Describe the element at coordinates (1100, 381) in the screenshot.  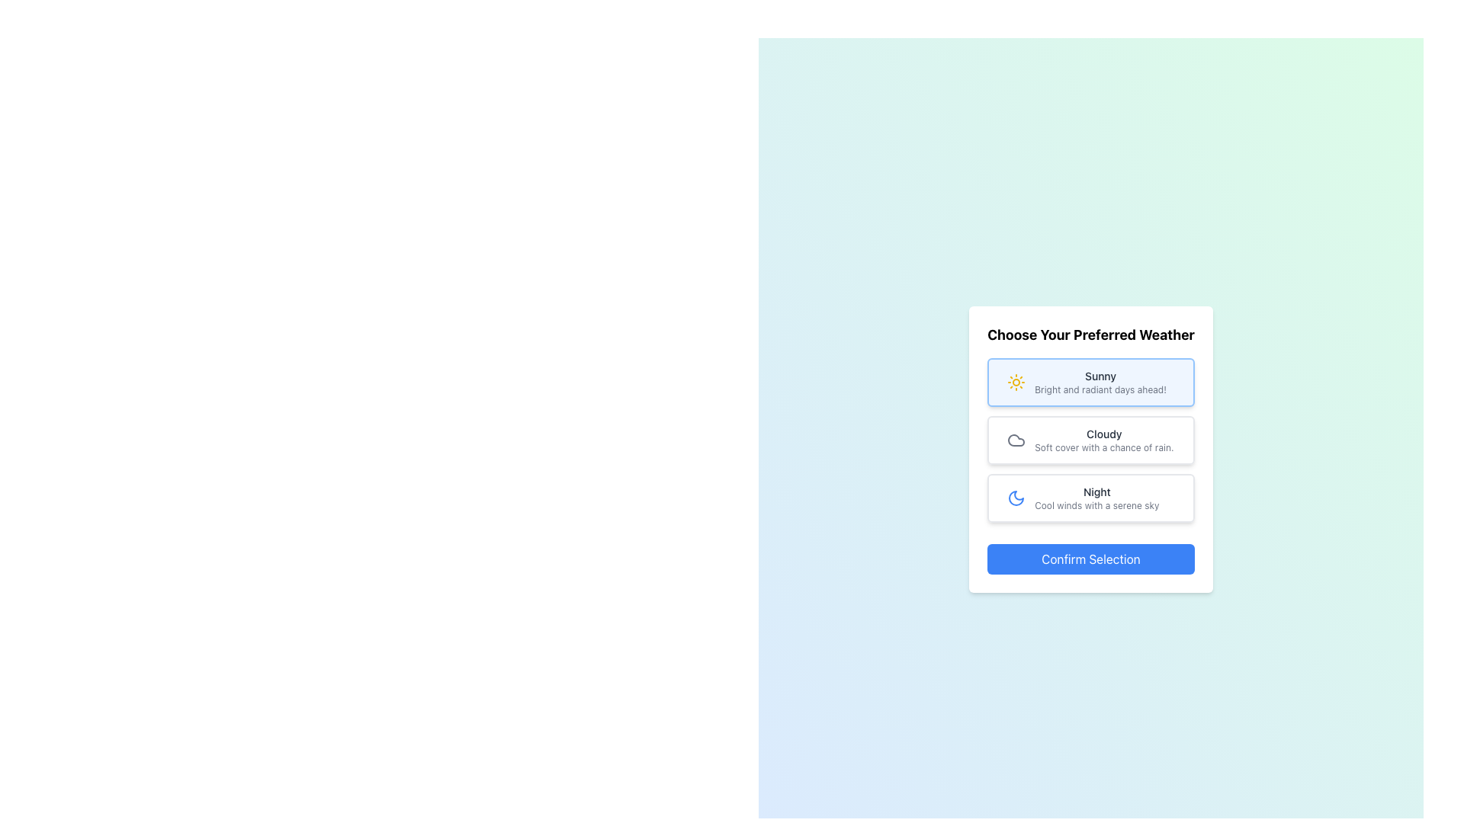
I see `the descriptive text for the 'Sunny' weather option to trigger a tooltip or highlight effect` at that location.